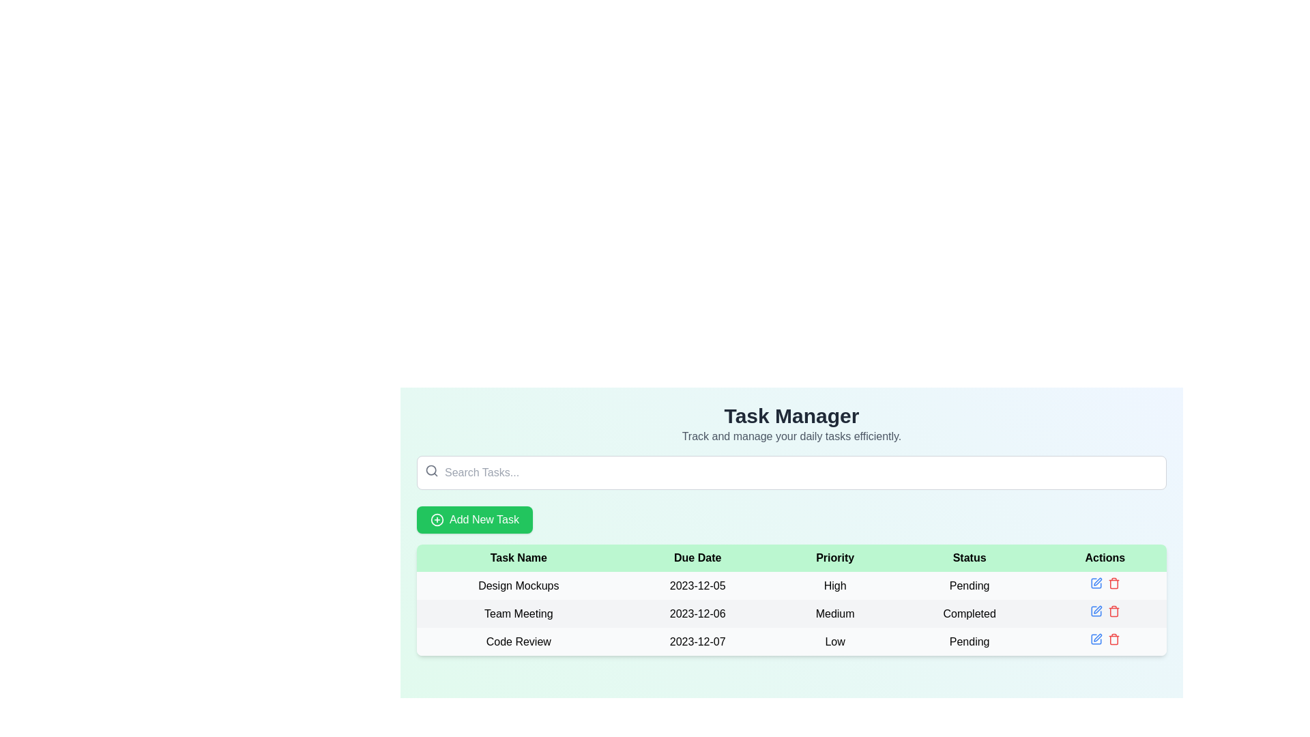 This screenshot has height=737, width=1310. I want to click on the table row representing the task labeled 'Code Review' with due date '2023-12-07', priority 'Low', and status 'Pending', so click(791, 641).